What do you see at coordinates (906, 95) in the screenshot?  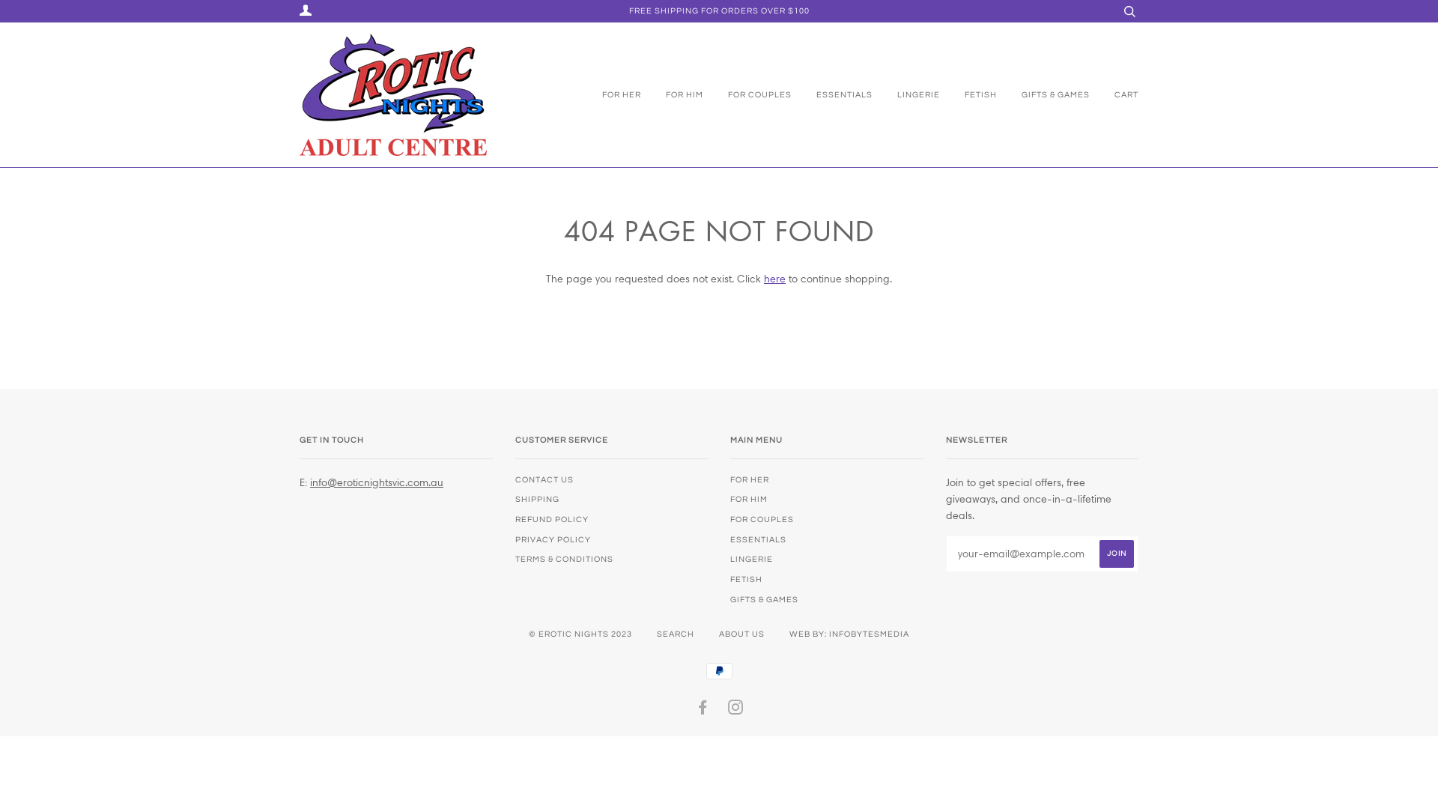 I see `'LINGERIE'` at bounding box center [906, 95].